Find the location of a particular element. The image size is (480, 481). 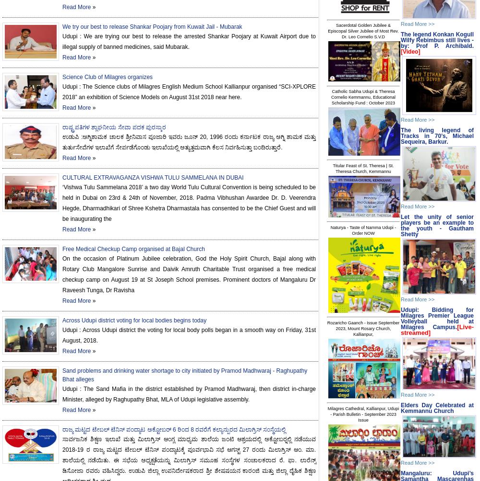

'Udupi : We are trying our best to release the arrested Shankar Poojary at Kuwait Airport due to illegal supply of banned medicines, said Mubarak.' is located at coordinates (189, 42).